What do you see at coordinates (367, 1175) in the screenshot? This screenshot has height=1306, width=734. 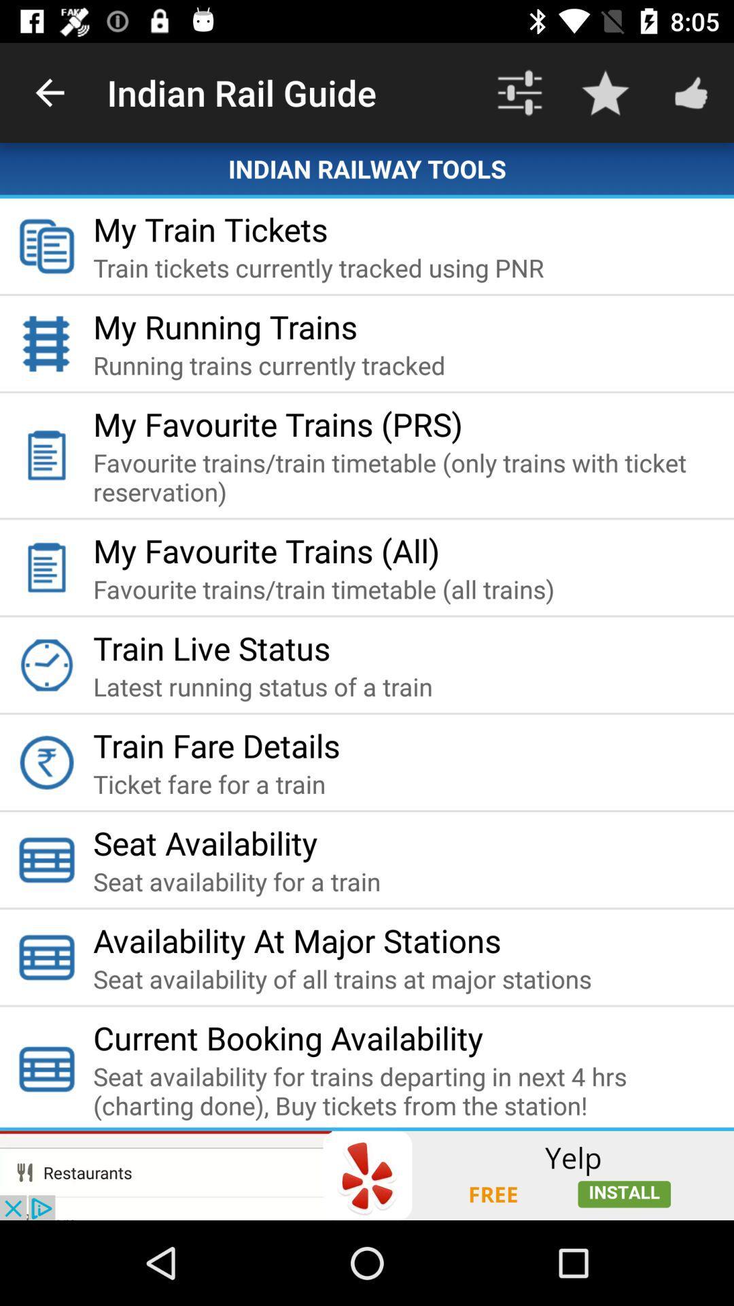 I see `advertisement area` at bounding box center [367, 1175].